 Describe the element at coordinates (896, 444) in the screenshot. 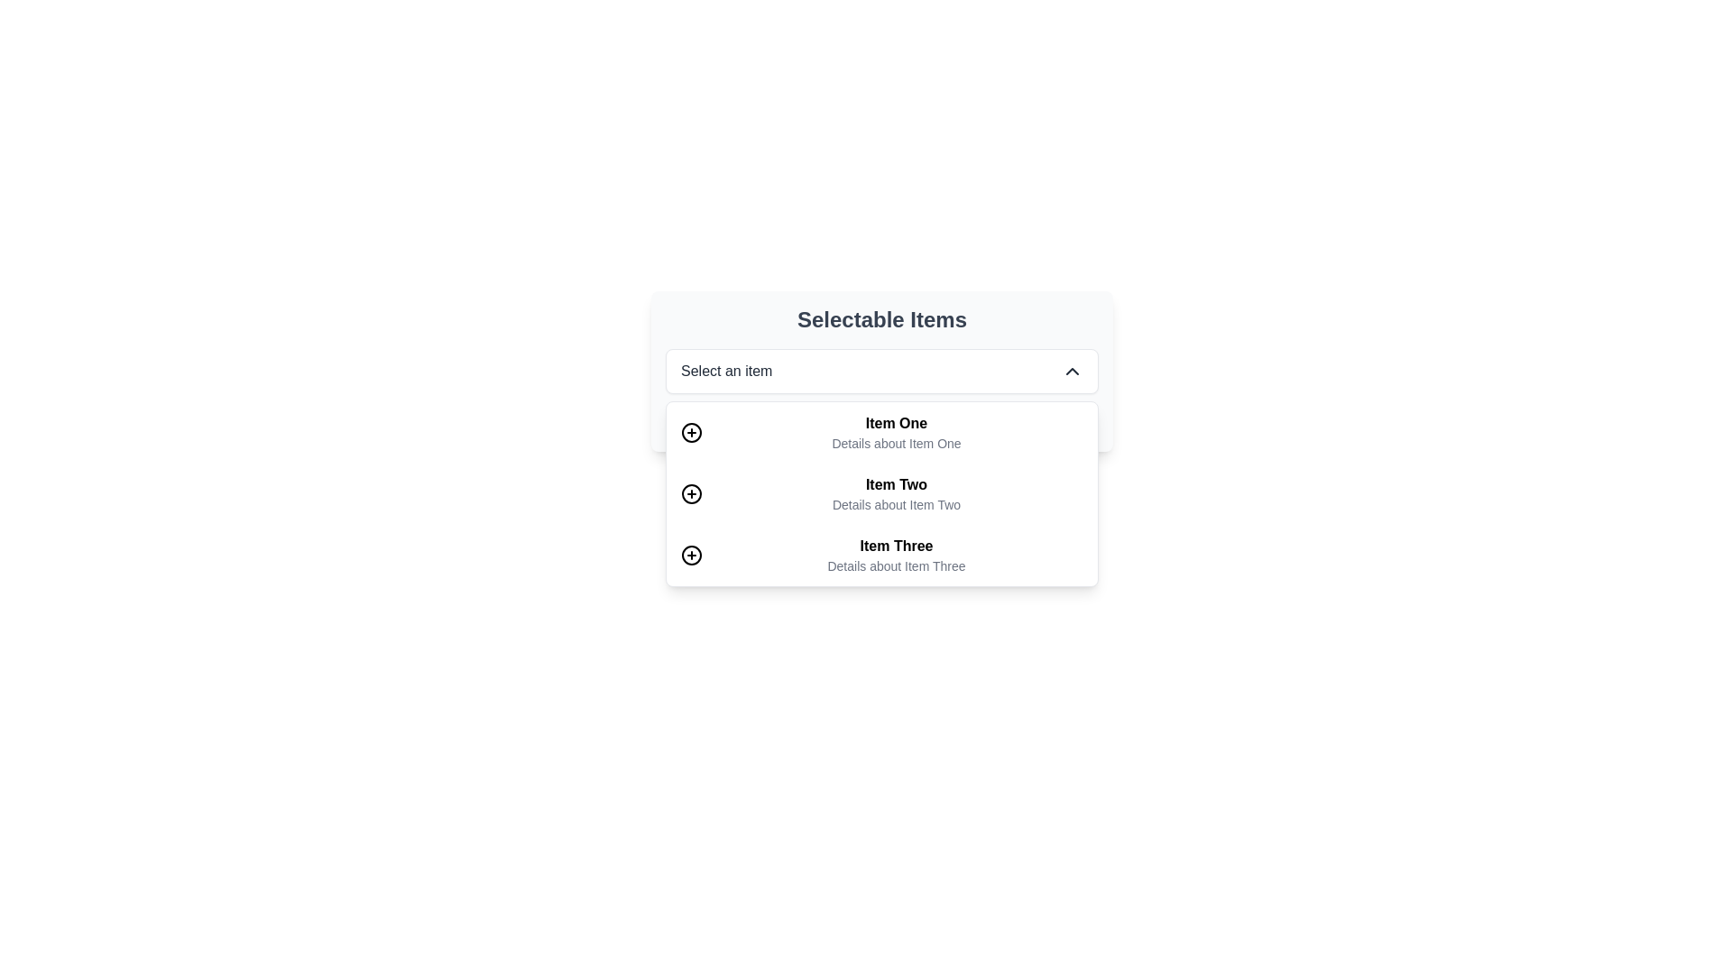

I see `the additional descriptive text for 'Item One' located below the header 'Selectable Items.'` at that location.